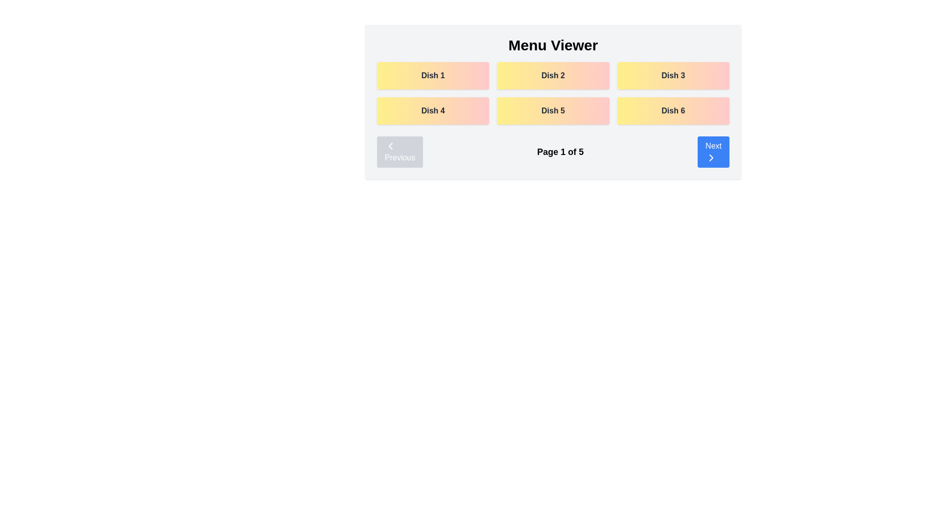  Describe the element at coordinates (713, 152) in the screenshot. I see `the 'Next' button, which is a rectangular button with white text on a blue background, located at the bottom right of the pagination controls` at that location.